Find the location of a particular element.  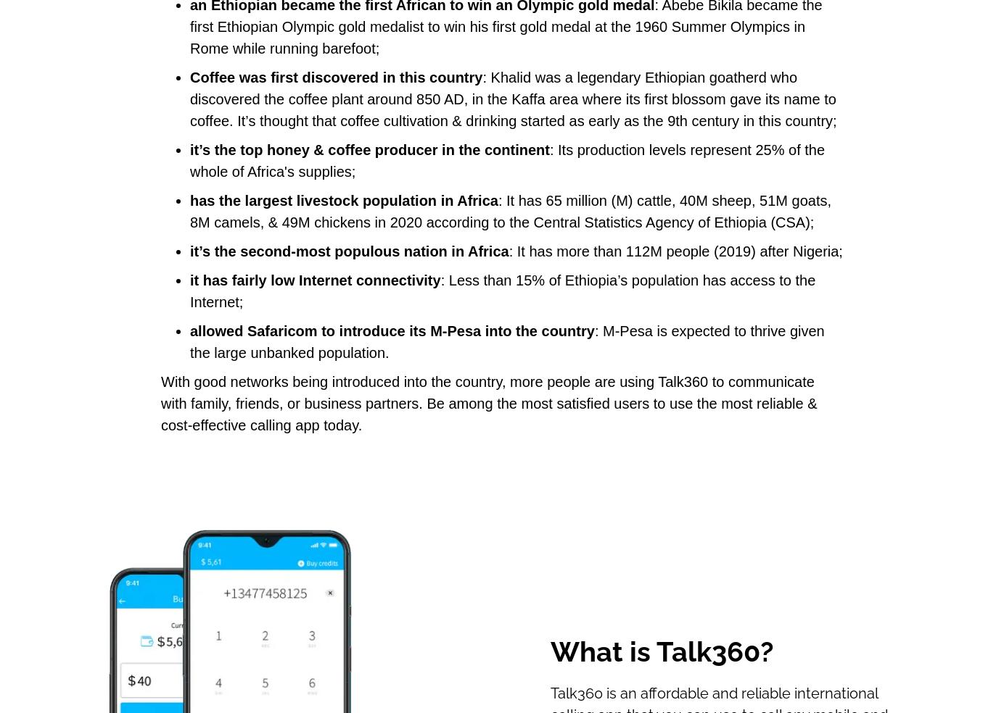

'it’s the second-most populous nation in Africa' is located at coordinates (348, 250).